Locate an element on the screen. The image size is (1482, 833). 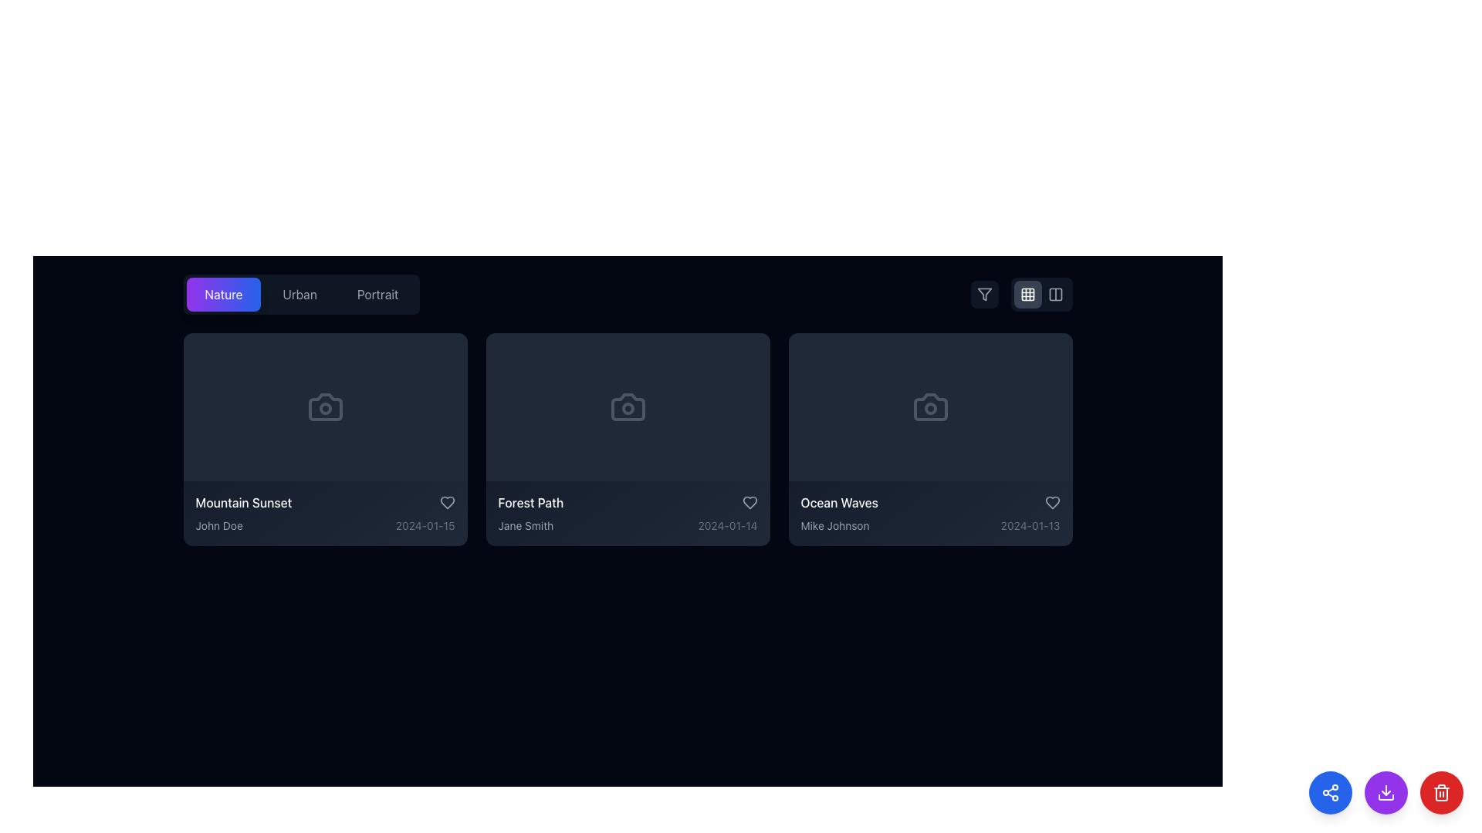
the image placeholder located in the center of the second card in a horizontally arranged list, which represents content with additional information below it is located at coordinates (628, 406).